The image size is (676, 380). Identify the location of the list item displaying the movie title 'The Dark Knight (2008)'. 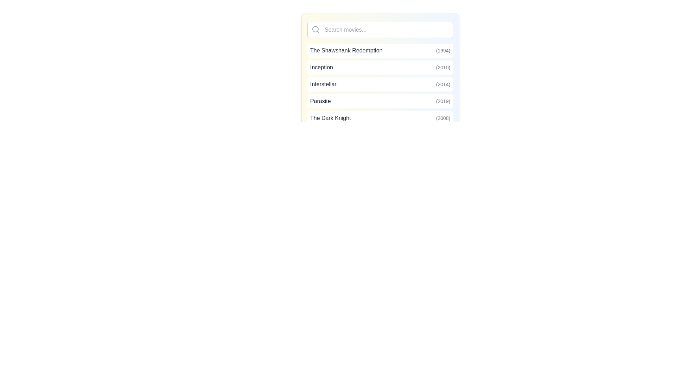
(380, 118).